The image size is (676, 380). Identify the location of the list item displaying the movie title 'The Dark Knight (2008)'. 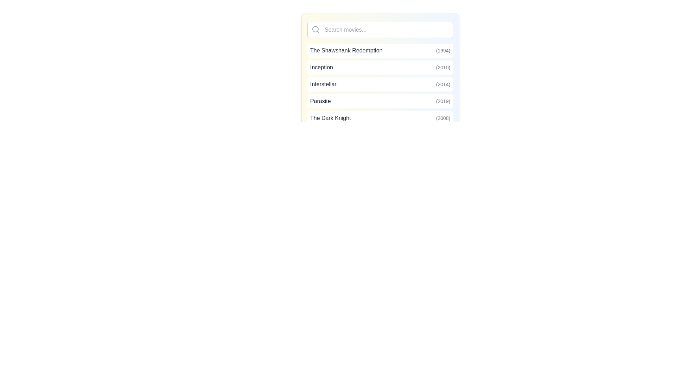
(380, 118).